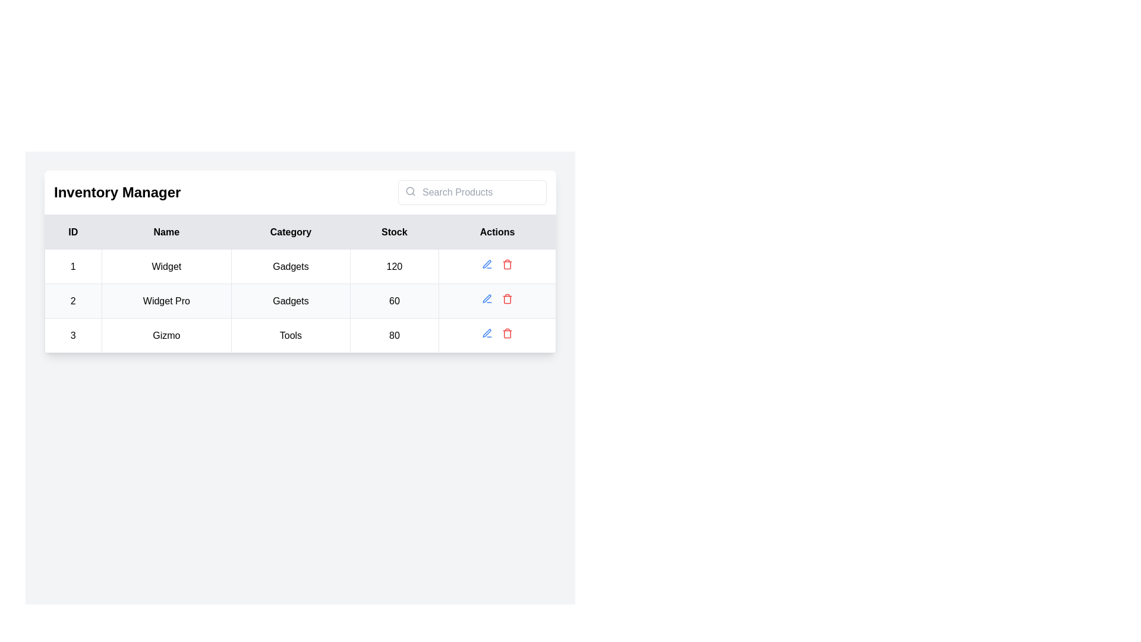 The image size is (1141, 642). What do you see at coordinates (394, 335) in the screenshot?
I see `the static text display showing '80' located in the last column of the third row within a table cell` at bounding box center [394, 335].